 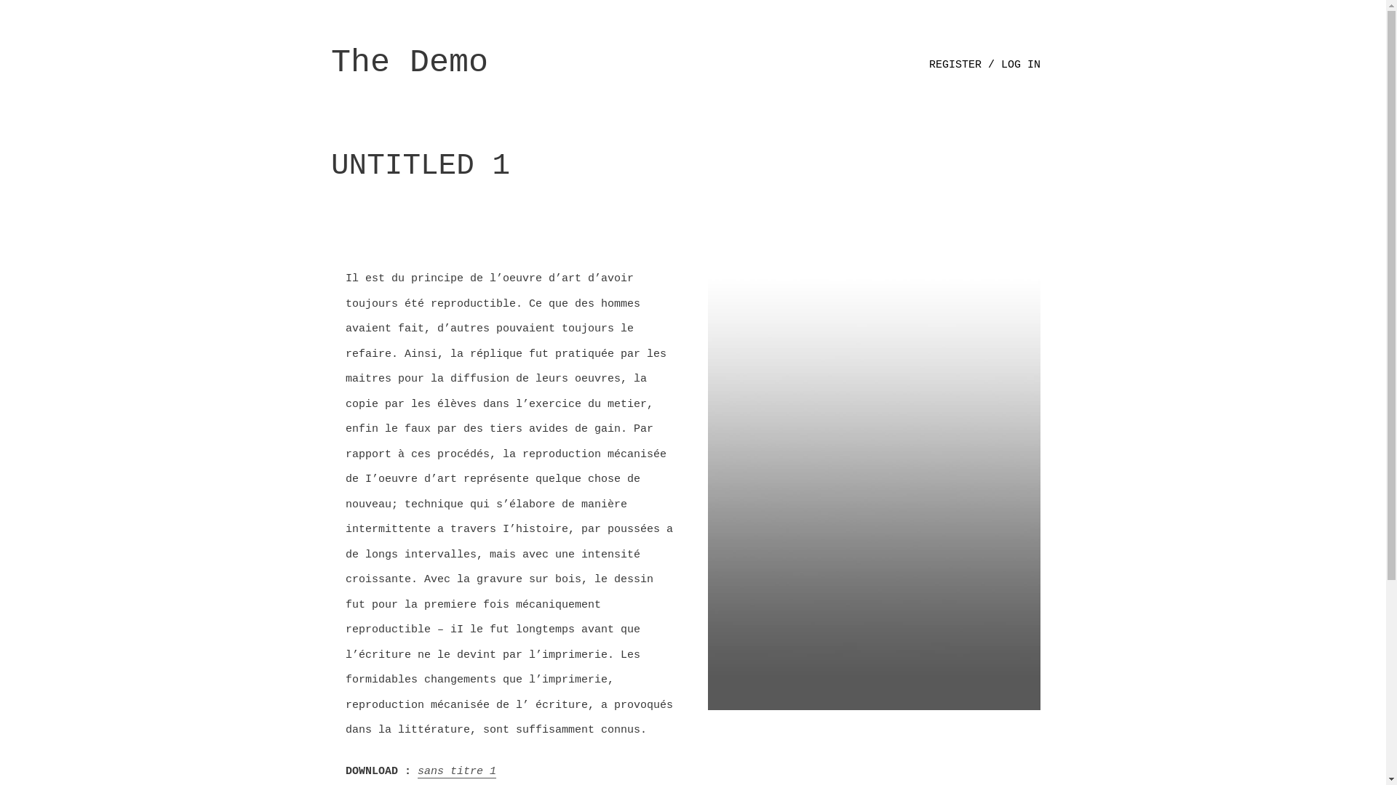 What do you see at coordinates (456, 770) in the screenshot?
I see `'sans titre 1'` at bounding box center [456, 770].